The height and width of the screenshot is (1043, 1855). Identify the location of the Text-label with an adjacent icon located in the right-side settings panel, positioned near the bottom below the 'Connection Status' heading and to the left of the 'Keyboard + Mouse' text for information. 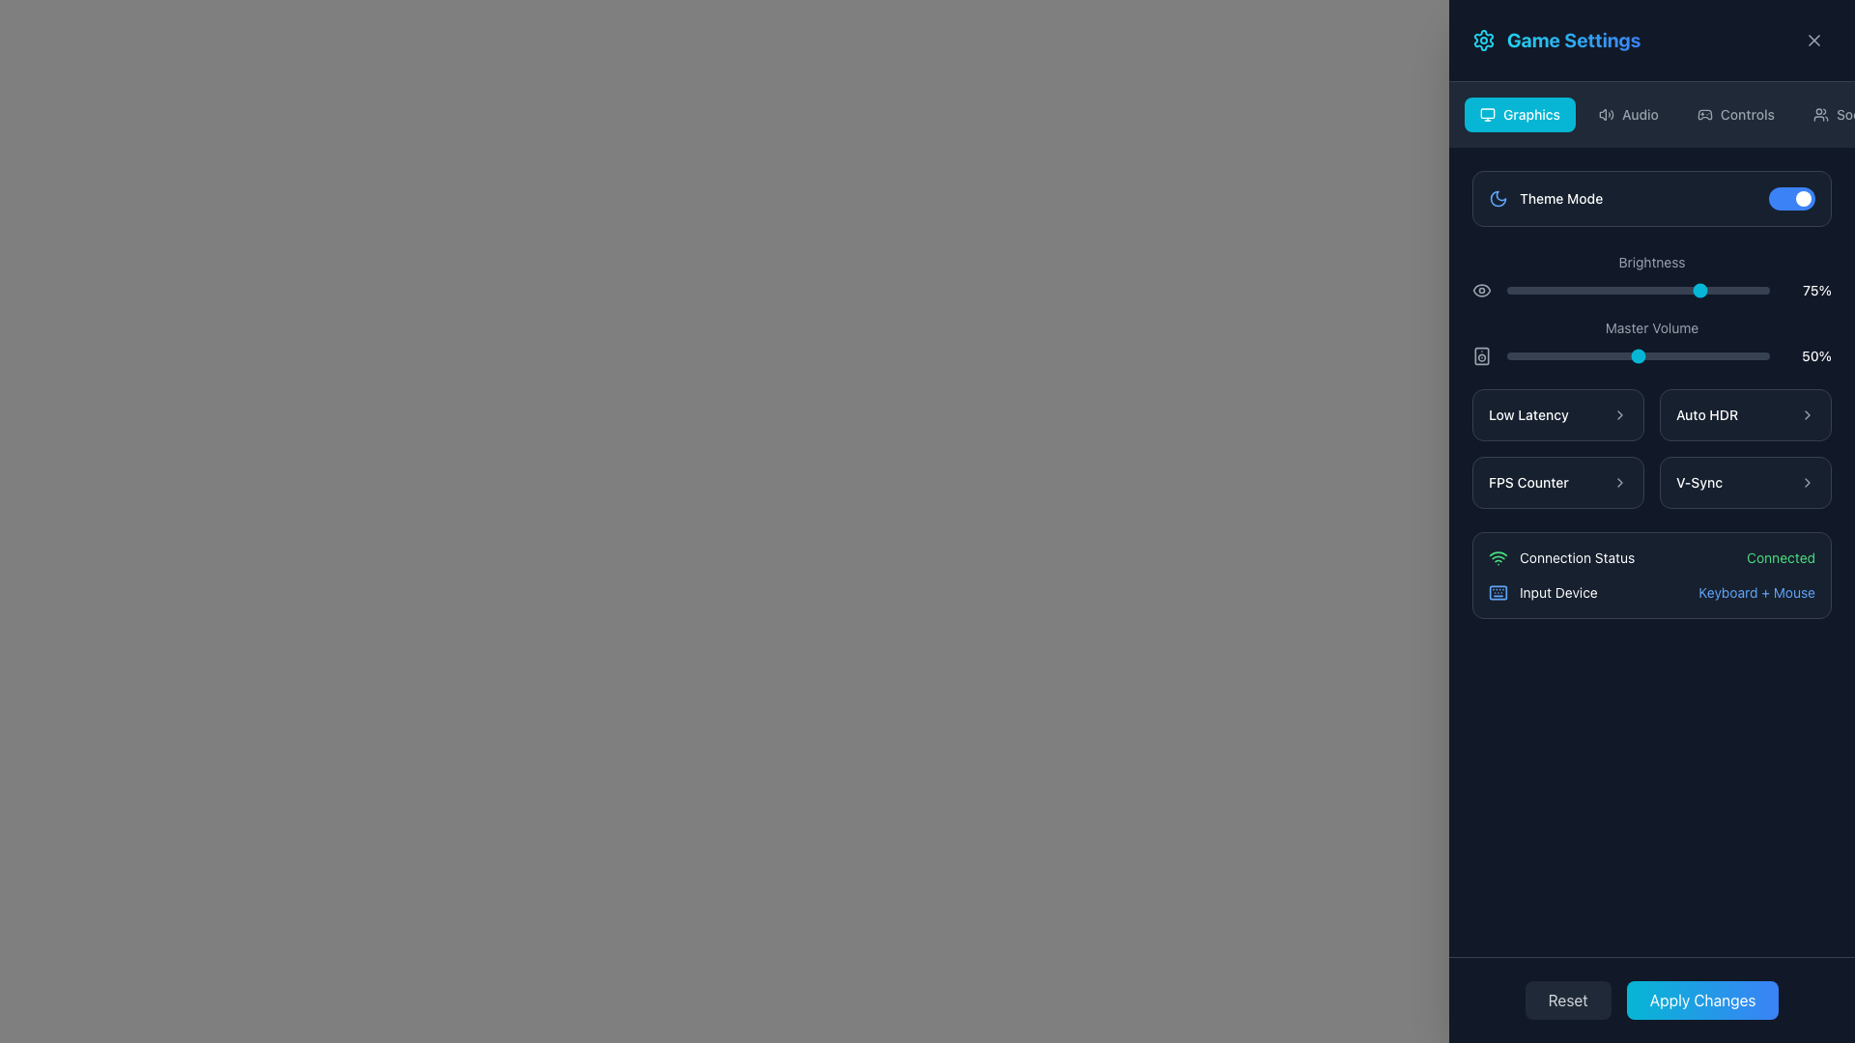
(1542, 591).